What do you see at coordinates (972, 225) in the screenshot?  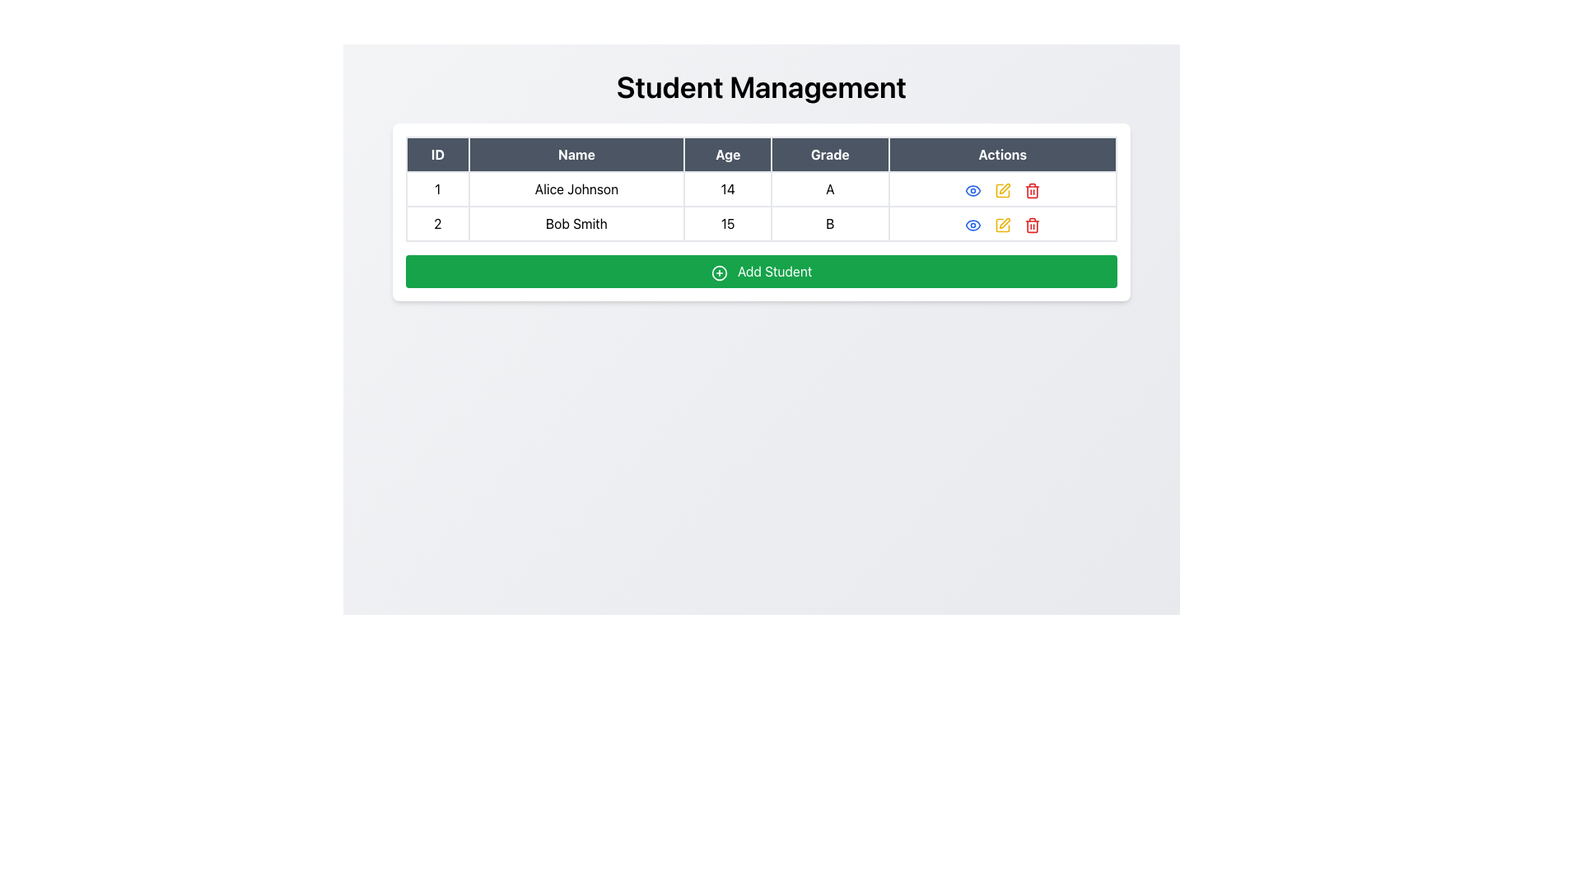 I see `the circular eye-shaped icon with a blue outline located in the first row of the actions column in the table` at bounding box center [972, 225].